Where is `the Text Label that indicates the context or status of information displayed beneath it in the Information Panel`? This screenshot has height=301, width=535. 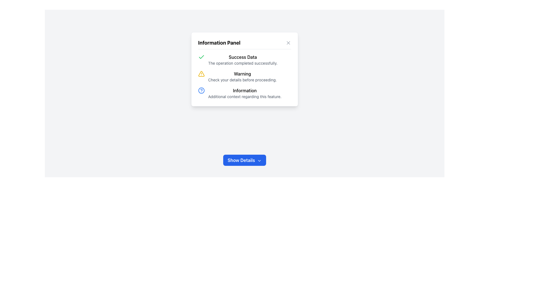
the Text Label that indicates the context or status of information displayed beneath it in the Information Panel is located at coordinates (243, 57).